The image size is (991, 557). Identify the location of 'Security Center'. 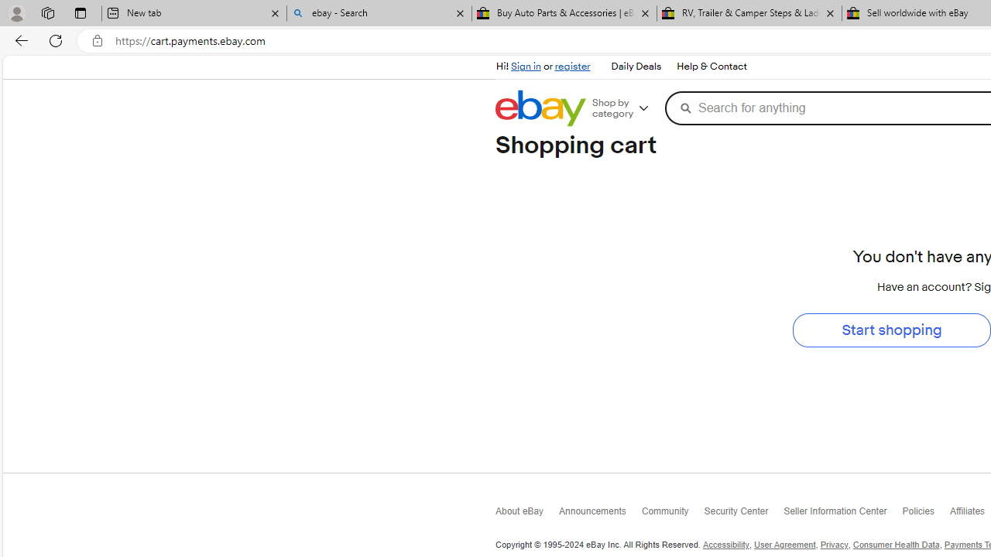
(743, 515).